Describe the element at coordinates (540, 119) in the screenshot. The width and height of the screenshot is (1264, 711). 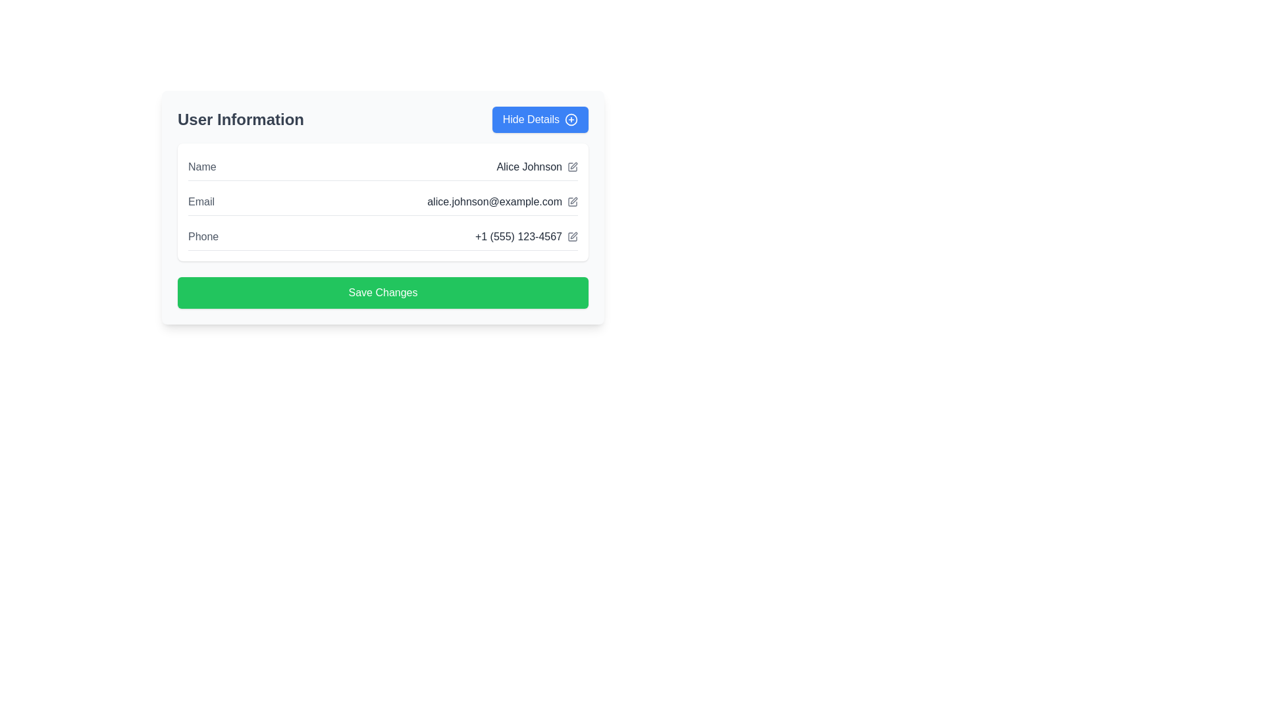
I see `the 'Hide Details' button located in the upper-right corner of the 'User Information' card` at that location.